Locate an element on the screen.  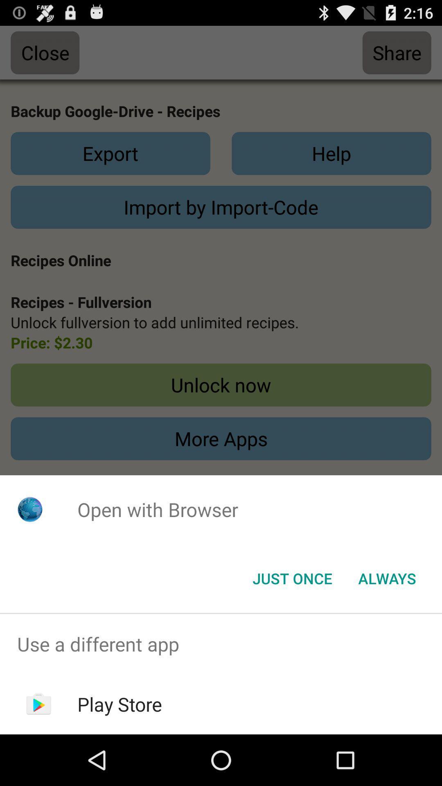
the icon to the right of just once icon is located at coordinates (387, 578).